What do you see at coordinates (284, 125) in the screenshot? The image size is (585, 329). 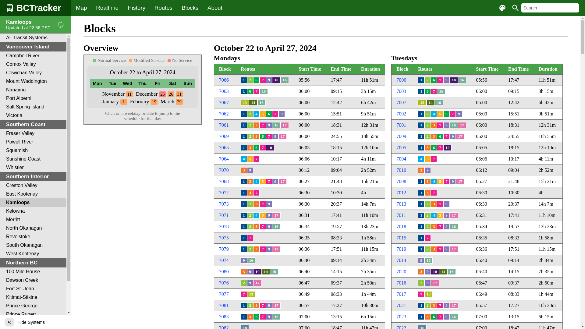 I see `'17'` at bounding box center [284, 125].